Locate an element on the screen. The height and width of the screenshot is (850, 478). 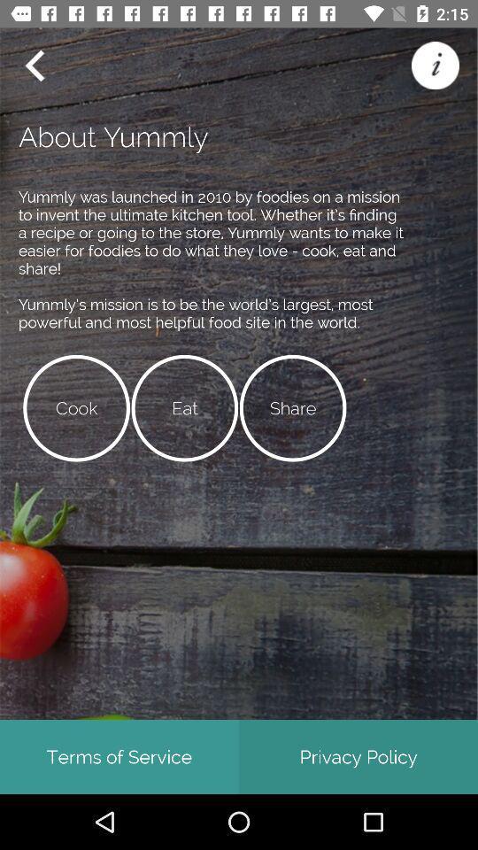
more information is located at coordinates (434, 66).